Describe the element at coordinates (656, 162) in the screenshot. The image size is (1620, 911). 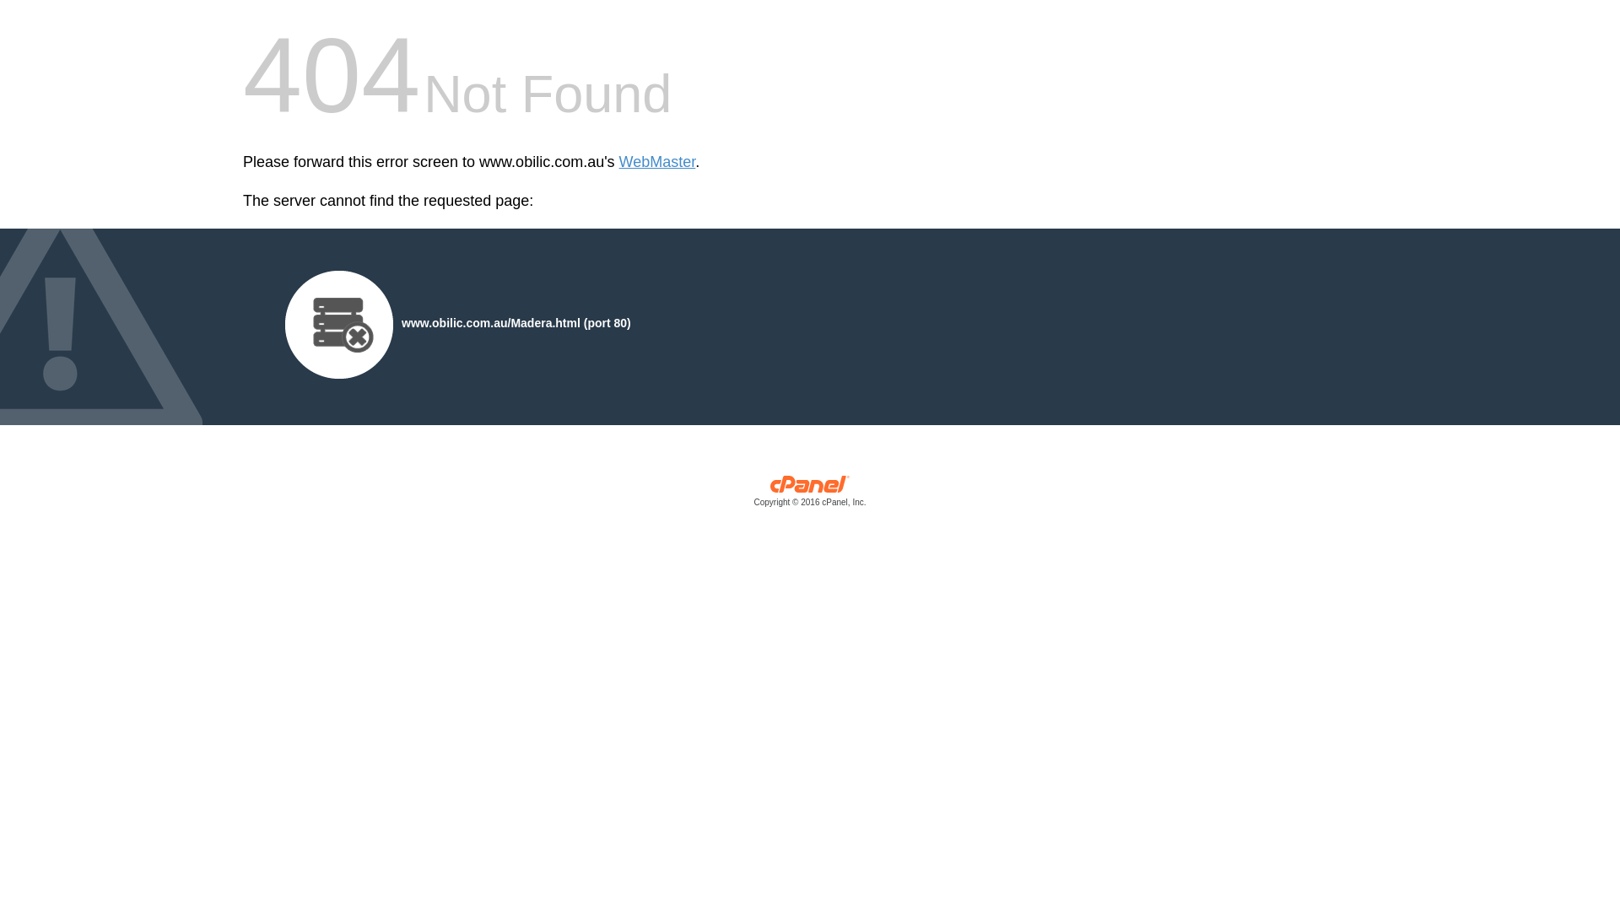
I see `'WebMaster'` at that location.